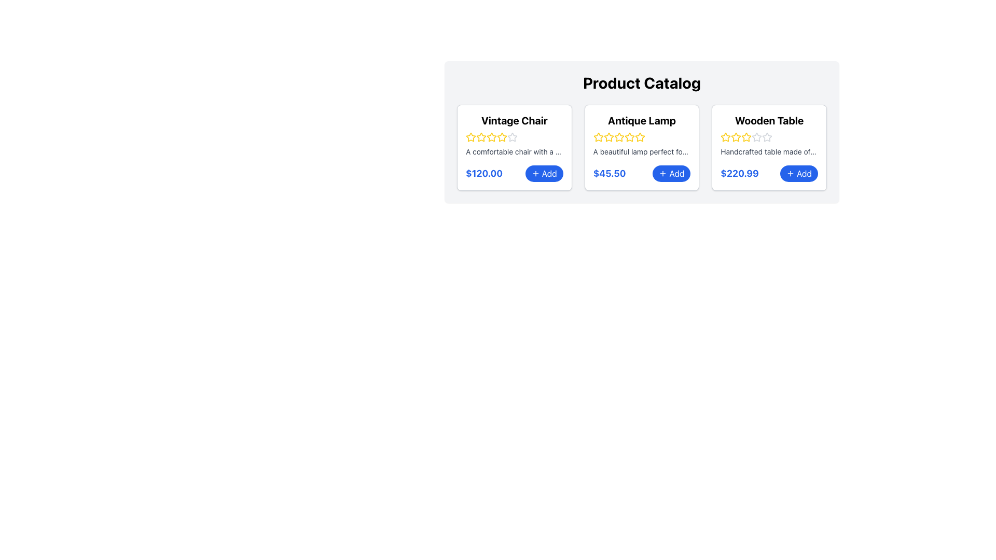 Image resolution: width=996 pixels, height=560 pixels. Describe the element at coordinates (608, 136) in the screenshot. I see `the second star-shaped icon with a yellow outline in the rating system for the 'Antique Lamp' product` at that location.